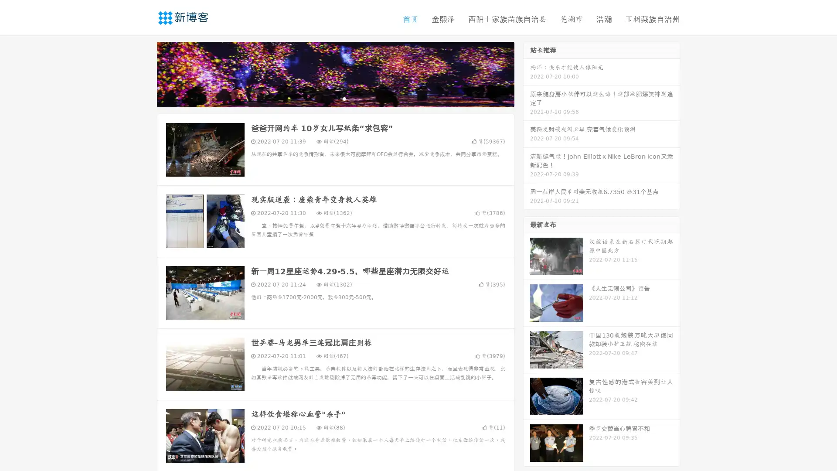 The width and height of the screenshot is (837, 471). Describe the element at coordinates (326, 98) in the screenshot. I see `Go to slide 1` at that location.